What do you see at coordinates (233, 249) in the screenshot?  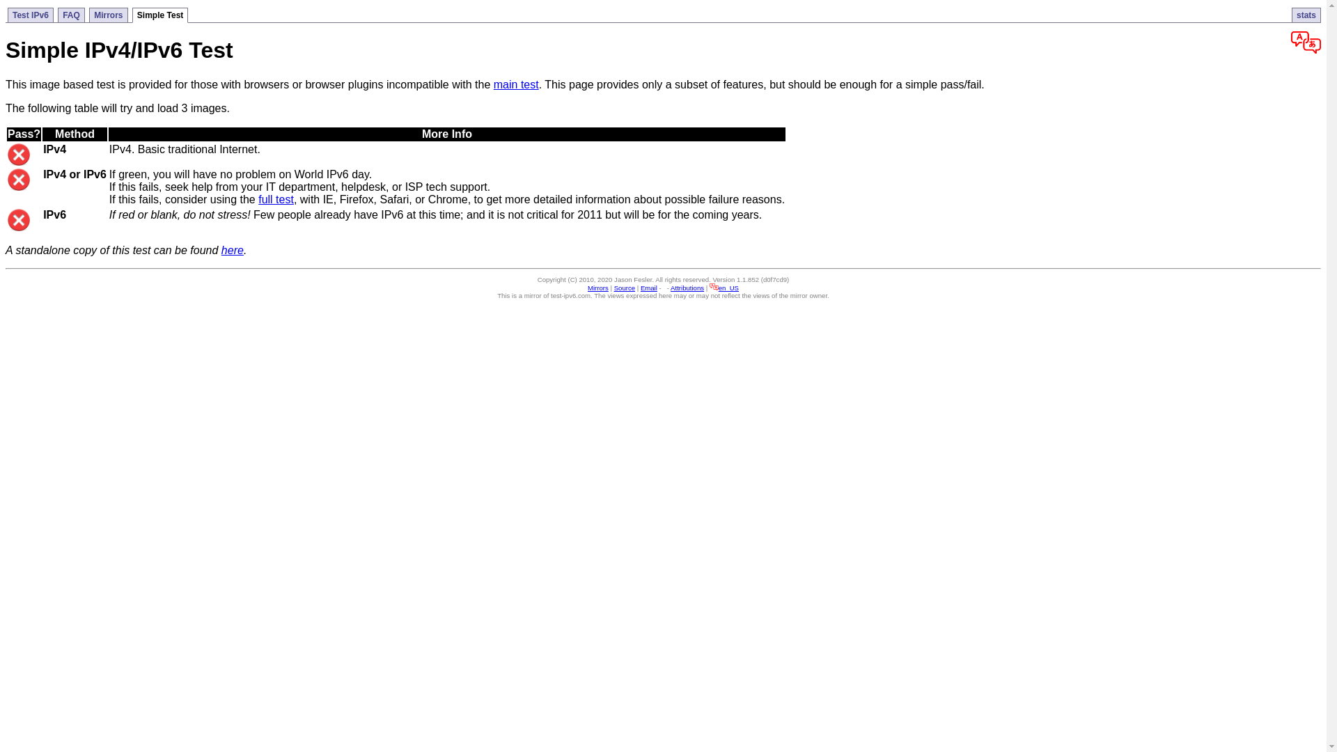 I see `'here'` at bounding box center [233, 249].